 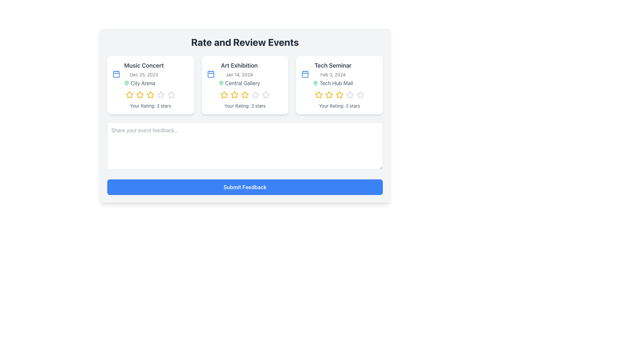 I want to click on the second yellow star-shaped icon in the rating system under the event title 'Music Concert' to rate it, so click(x=140, y=95).